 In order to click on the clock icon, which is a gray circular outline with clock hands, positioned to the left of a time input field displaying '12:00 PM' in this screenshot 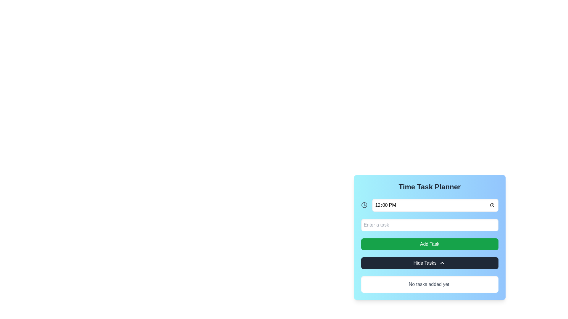, I will do `click(364, 205)`.